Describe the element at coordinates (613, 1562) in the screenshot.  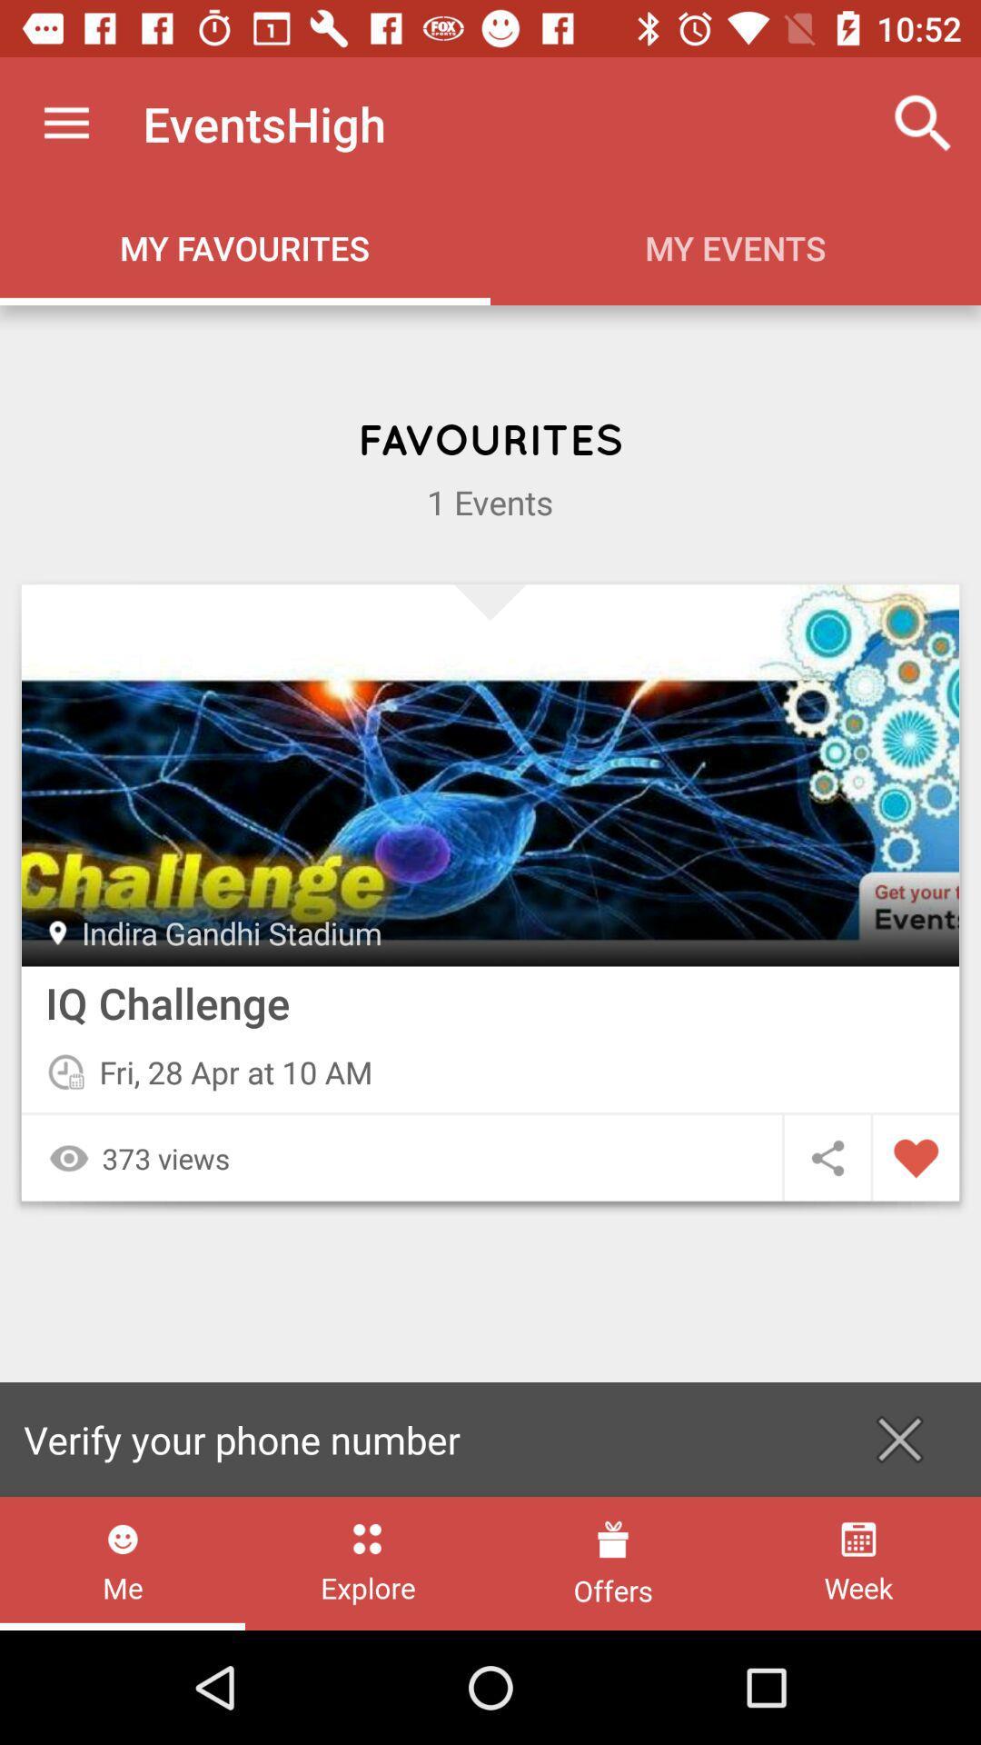
I see `the item below verify your phone` at that location.